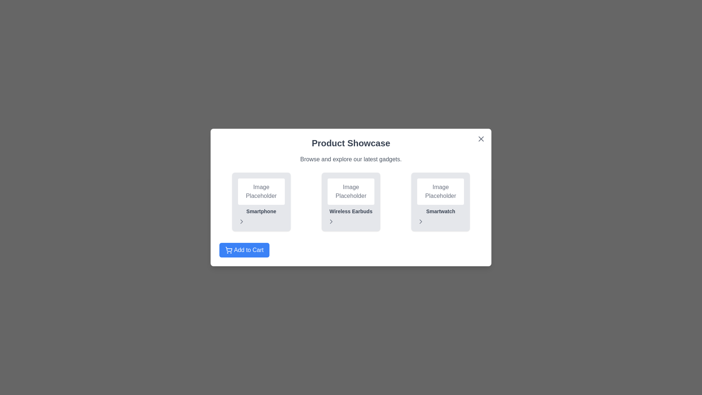 The height and width of the screenshot is (395, 702). I want to click on keyboard navigation, so click(244, 249).